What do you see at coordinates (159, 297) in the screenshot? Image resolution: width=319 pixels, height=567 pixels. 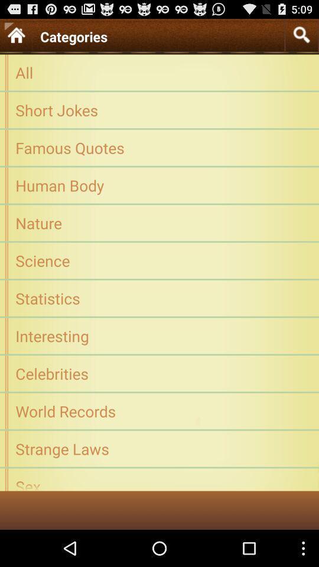 I see `icon above interesting app` at bounding box center [159, 297].